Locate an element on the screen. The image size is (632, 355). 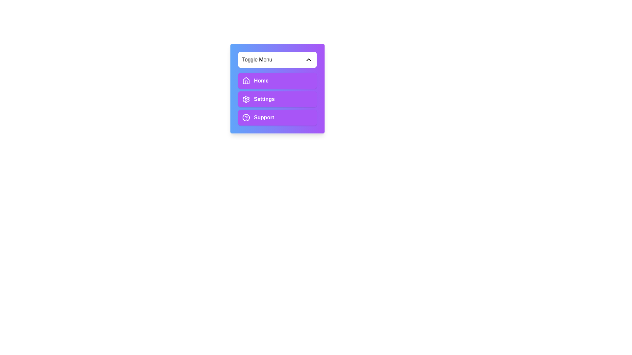
the text label that serves as the title for the first menu option in the vertical navigation menu, located within the first purple tab beneath the 'Toggle Menu' dropdown is located at coordinates (261, 81).